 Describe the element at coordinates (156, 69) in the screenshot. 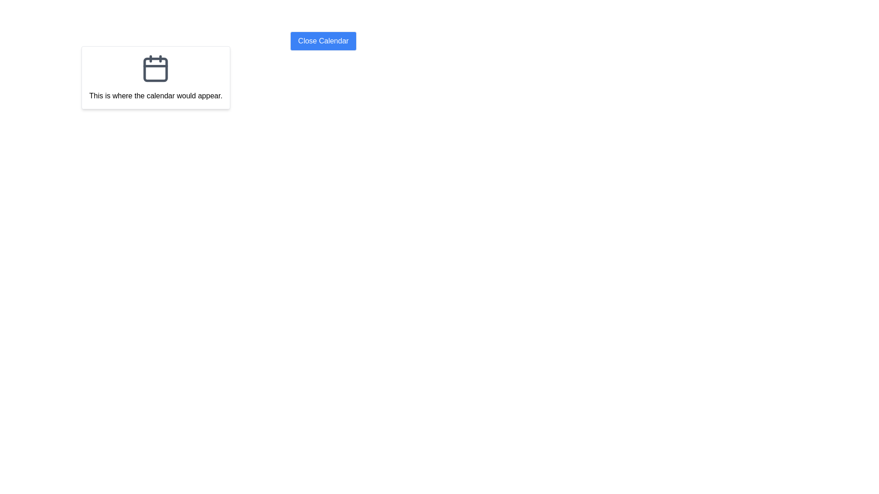

I see `the white rounded rectangle area within the calendar icon that represents the calendar grid` at that location.